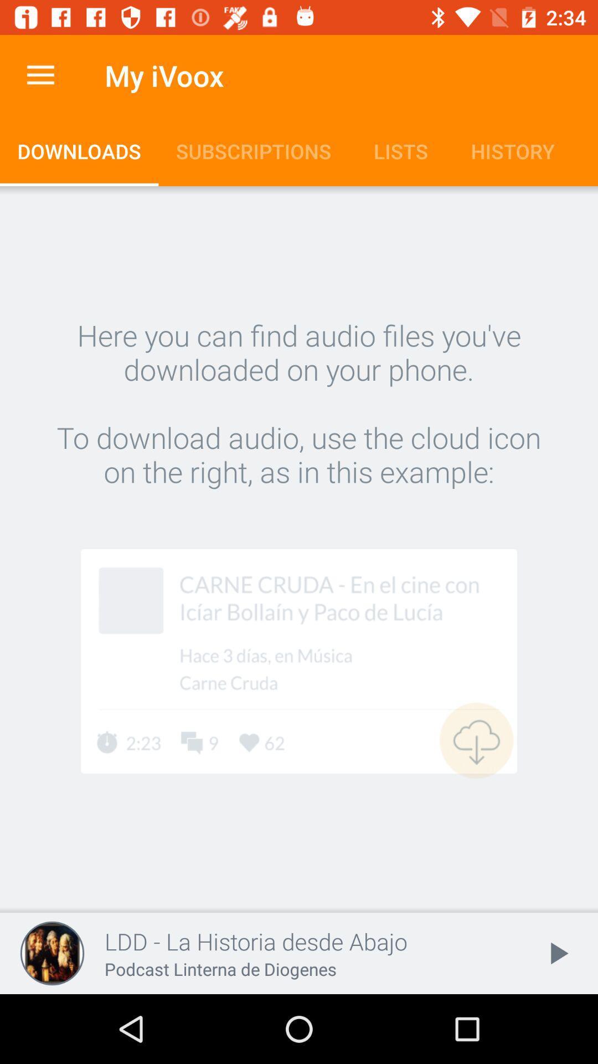 The width and height of the screenshot is (598, 1064). Describe the element at coordinates (557, 953) in the screenshot. I see `the item next to ldd la historia` at that location.